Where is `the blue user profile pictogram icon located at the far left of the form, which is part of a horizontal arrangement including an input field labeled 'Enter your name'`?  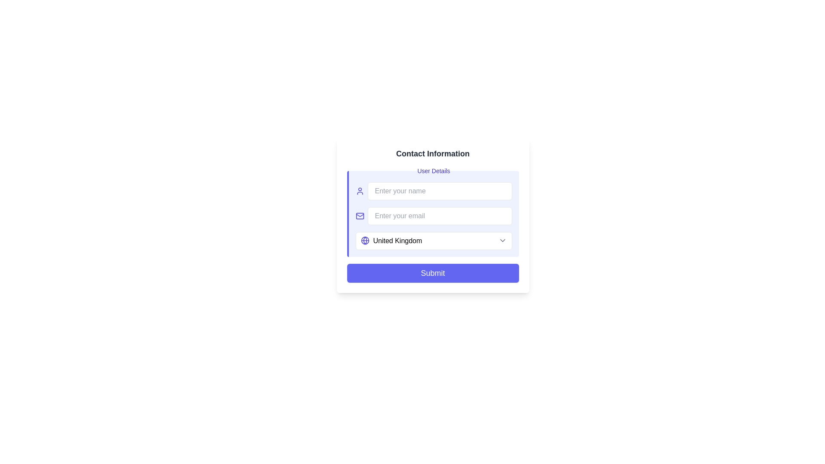 the blue user profile pictogram icon located at the far left of the form, which is part of a horizontal arrangement including an input field labeled 'Enter your name' is located at coordinates (360, 190).